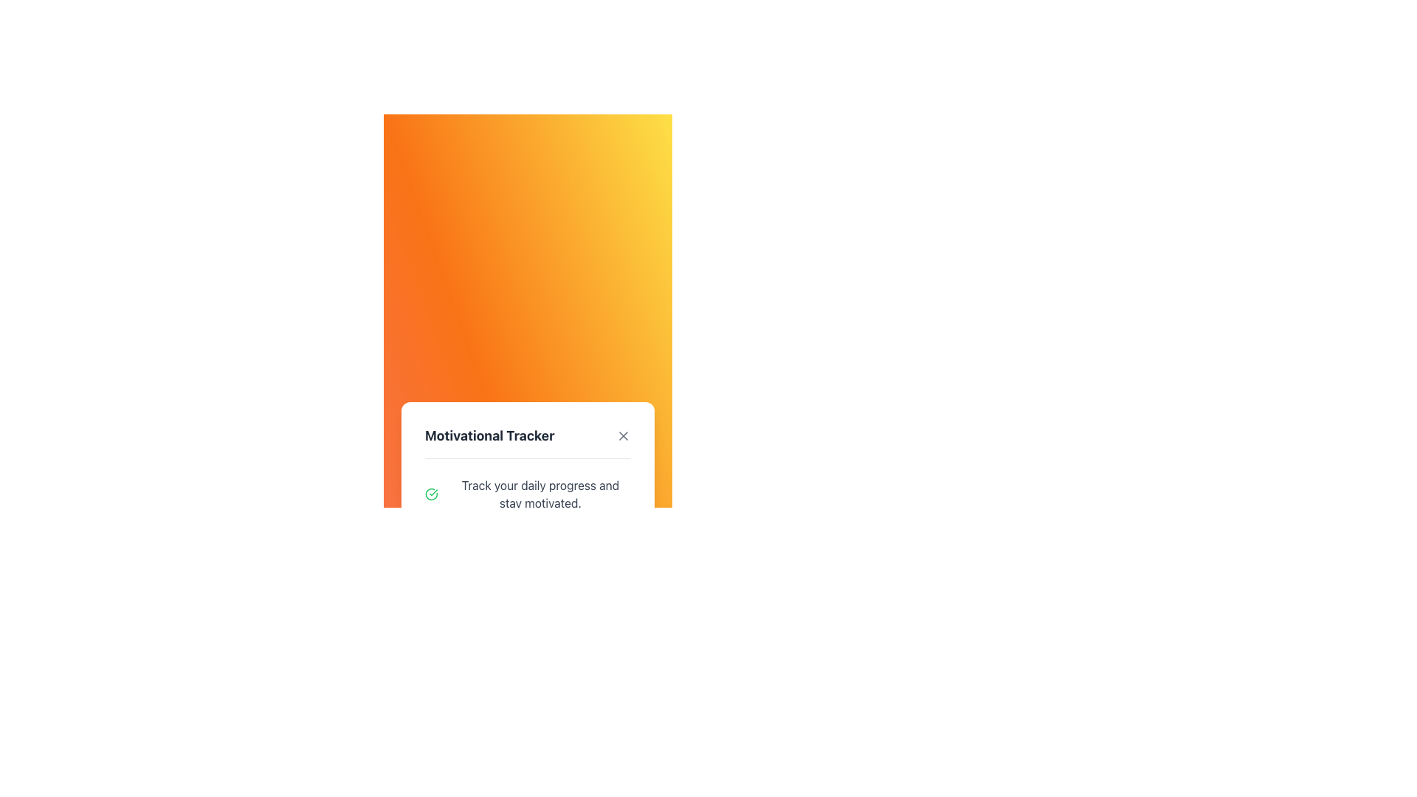 This screenshot has height=797, width=1417. I want to click on the text displaying 'Track your daily progress and stay motivated.' located in the 'Motivational Tracker' card, positioned below the card title and to the right of a green check icon, so click(539, 494).